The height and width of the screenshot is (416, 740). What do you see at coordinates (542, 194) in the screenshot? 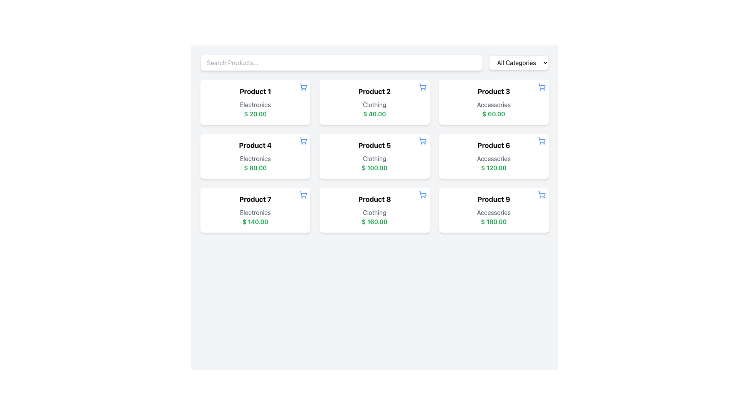
I see `the blue shopping cart icon button located at the top-right corner of the 'Product 9' card` at bounding box center [542, 194].